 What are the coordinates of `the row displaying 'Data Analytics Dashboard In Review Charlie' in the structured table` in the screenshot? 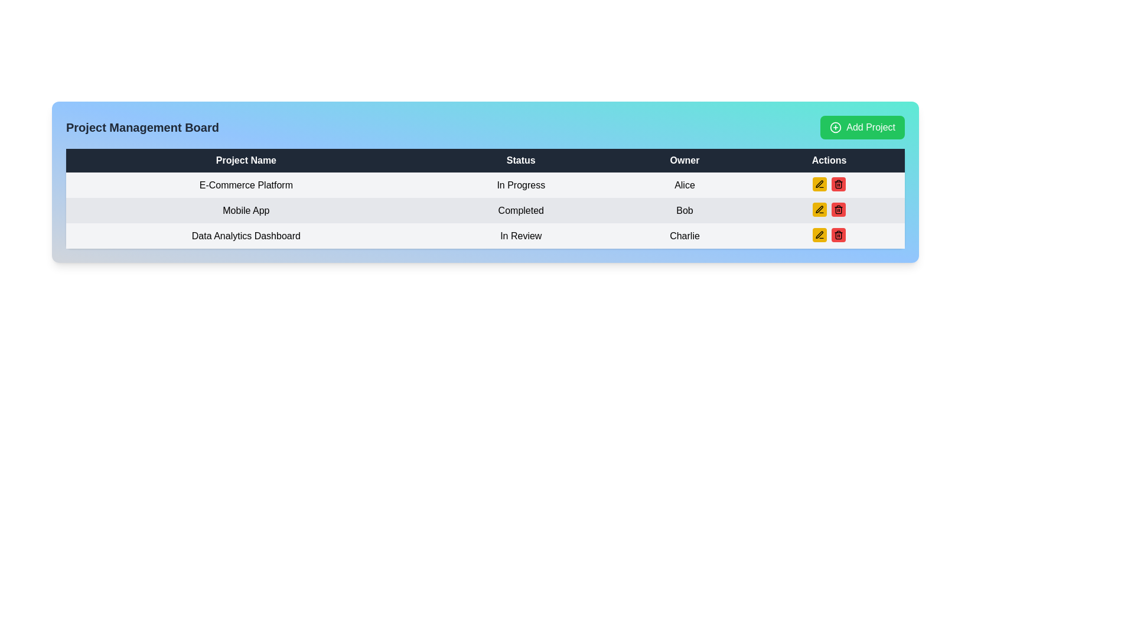 It's located at (485, 235).